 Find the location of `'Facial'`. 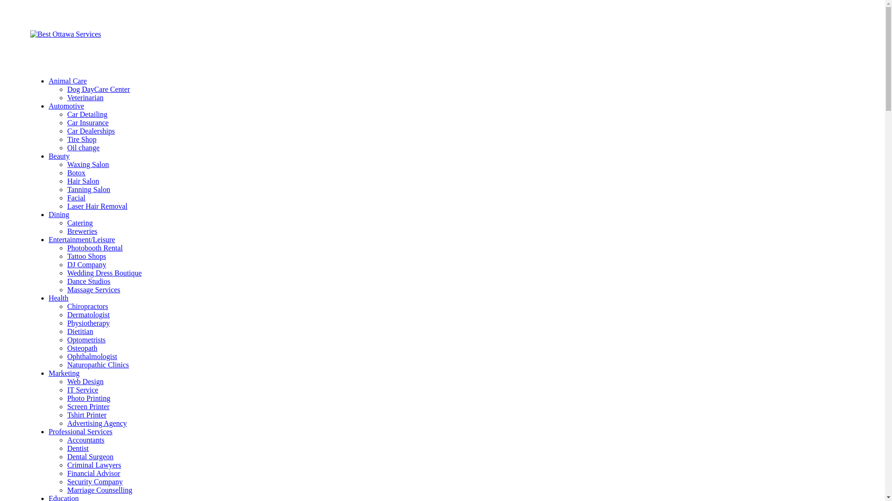

'Facial' is located at coordinates (66, 197).